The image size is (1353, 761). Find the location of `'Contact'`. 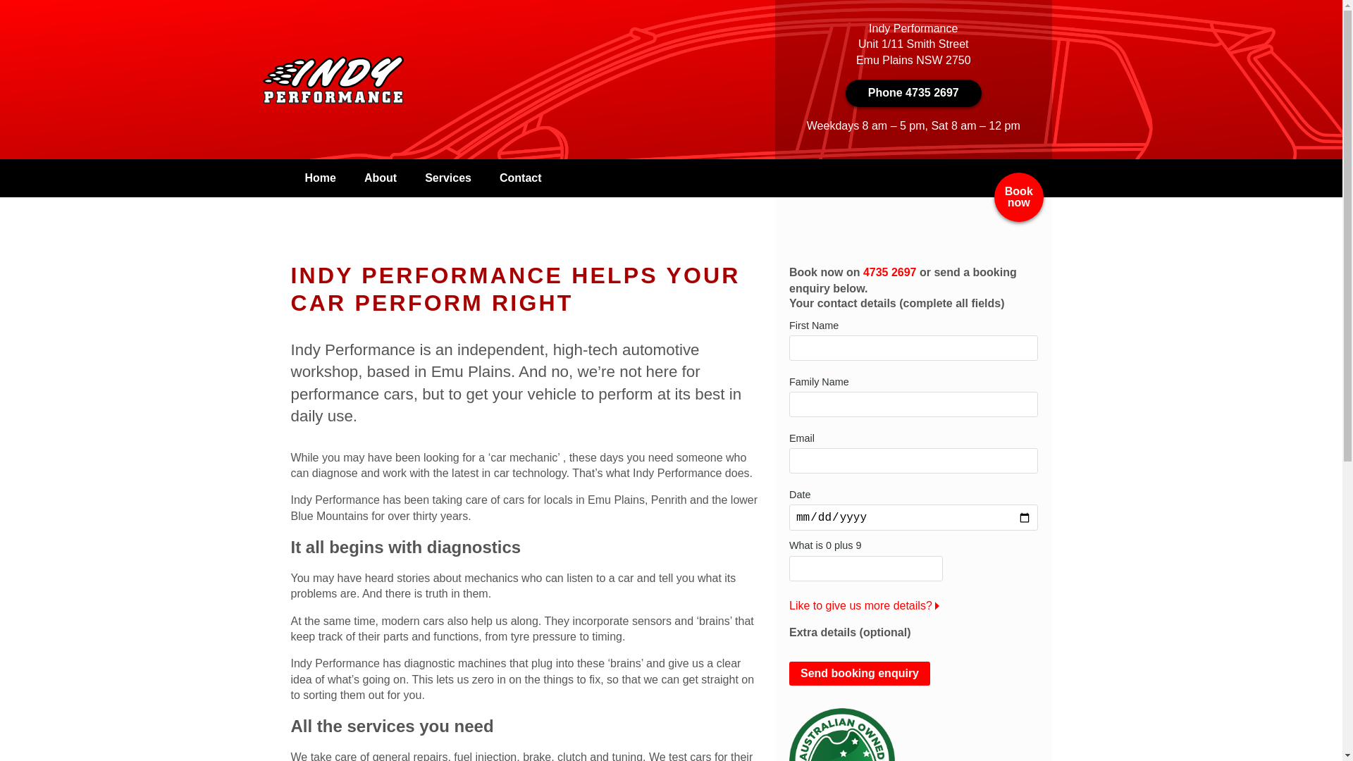

'Contact' is located at coordinates (520, 178).